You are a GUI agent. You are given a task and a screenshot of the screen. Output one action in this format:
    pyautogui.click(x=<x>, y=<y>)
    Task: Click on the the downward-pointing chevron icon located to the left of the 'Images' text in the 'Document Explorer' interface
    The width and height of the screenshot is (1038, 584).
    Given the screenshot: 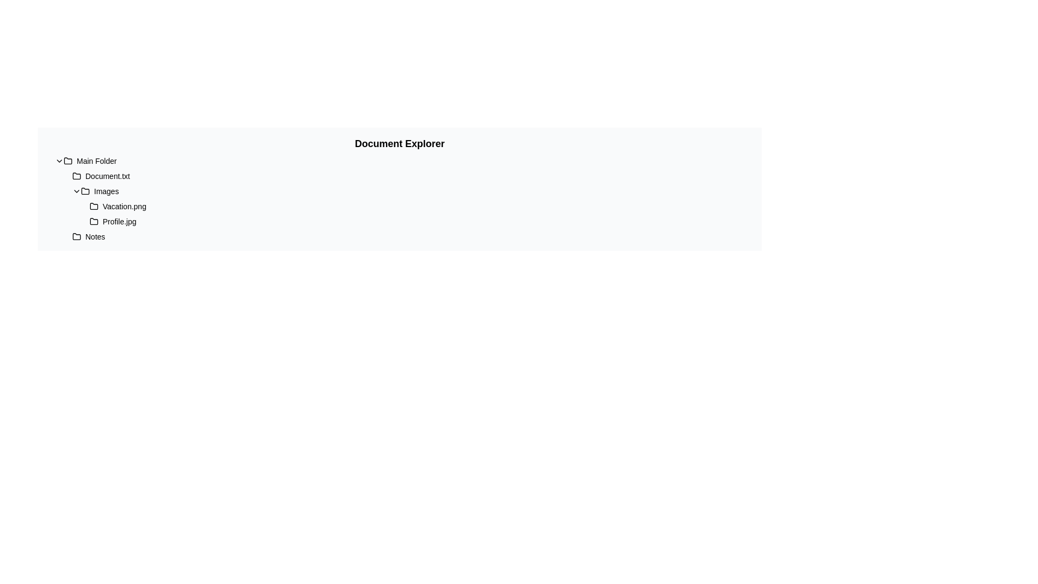 What is the action you would take?
    pyautogui.click(x=76, y=191)
    